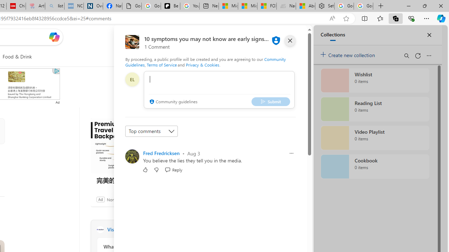 Image resolution: width=449 pixels, height=252 pixels. What do you see at coordinates (35, 6) in the screenshot?
I see `'Arthritis: Ask Health Professionals - Sleeping'` at bounding box center [35, 6].